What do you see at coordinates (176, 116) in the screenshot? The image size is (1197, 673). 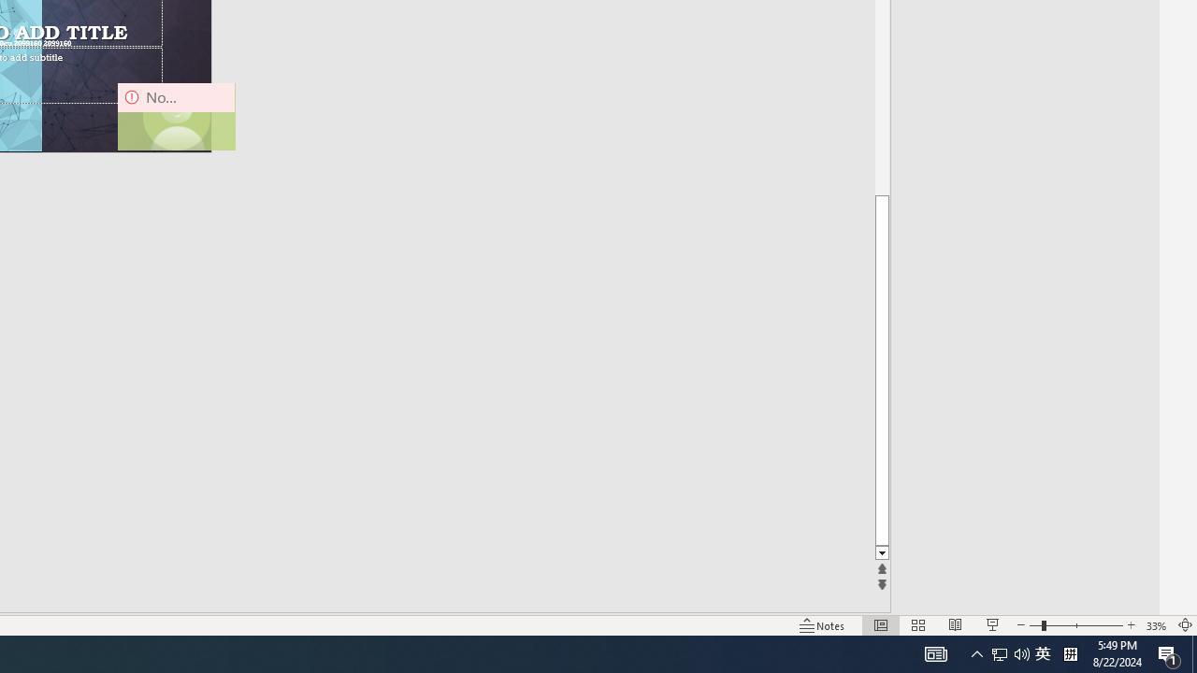 I see `'Camera 11, No camera detected.'` at bounding box center [176, 116].